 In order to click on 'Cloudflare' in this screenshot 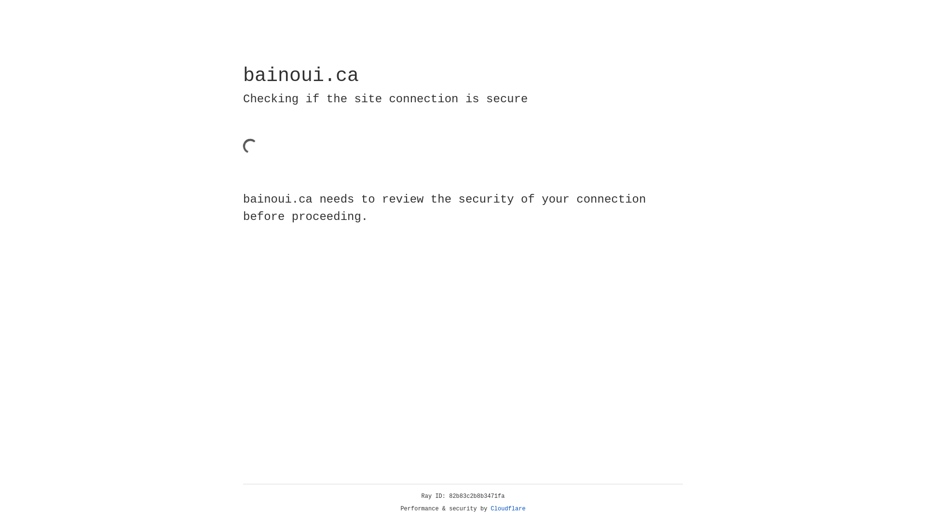, I will do `click(508, 508)`.